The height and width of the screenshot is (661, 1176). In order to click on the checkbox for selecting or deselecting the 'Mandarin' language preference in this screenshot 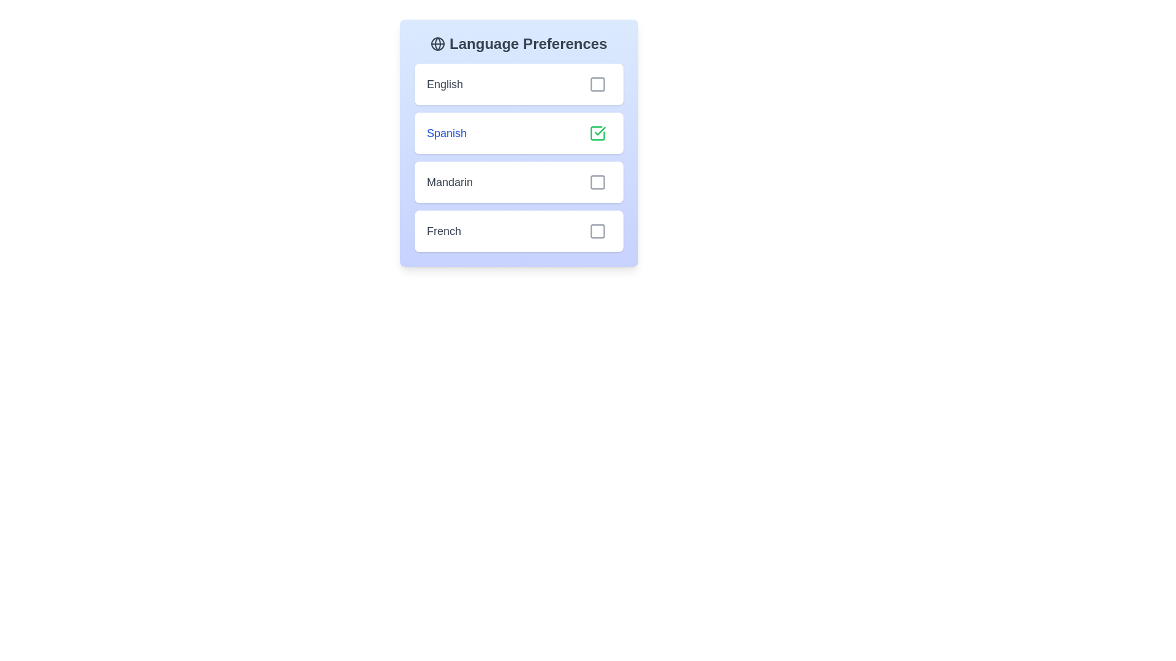, I will do `click(597, 182)`.